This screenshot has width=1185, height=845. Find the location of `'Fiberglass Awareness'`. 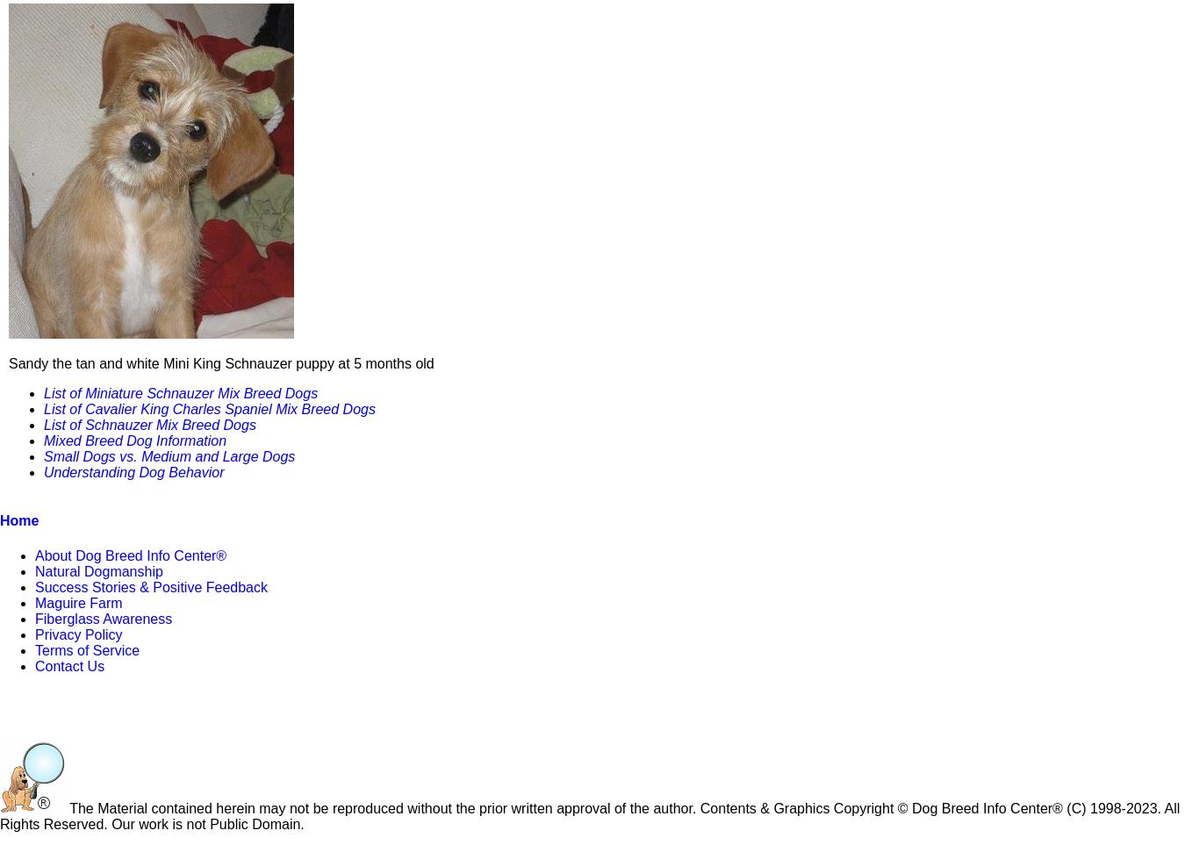

'Fiberglass Awareness' is located at coordinates (103, 617).